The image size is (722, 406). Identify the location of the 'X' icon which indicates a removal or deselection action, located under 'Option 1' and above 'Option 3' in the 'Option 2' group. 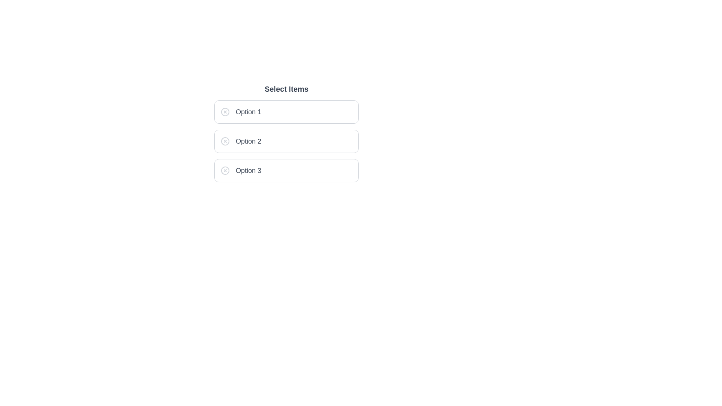
(225, 141).